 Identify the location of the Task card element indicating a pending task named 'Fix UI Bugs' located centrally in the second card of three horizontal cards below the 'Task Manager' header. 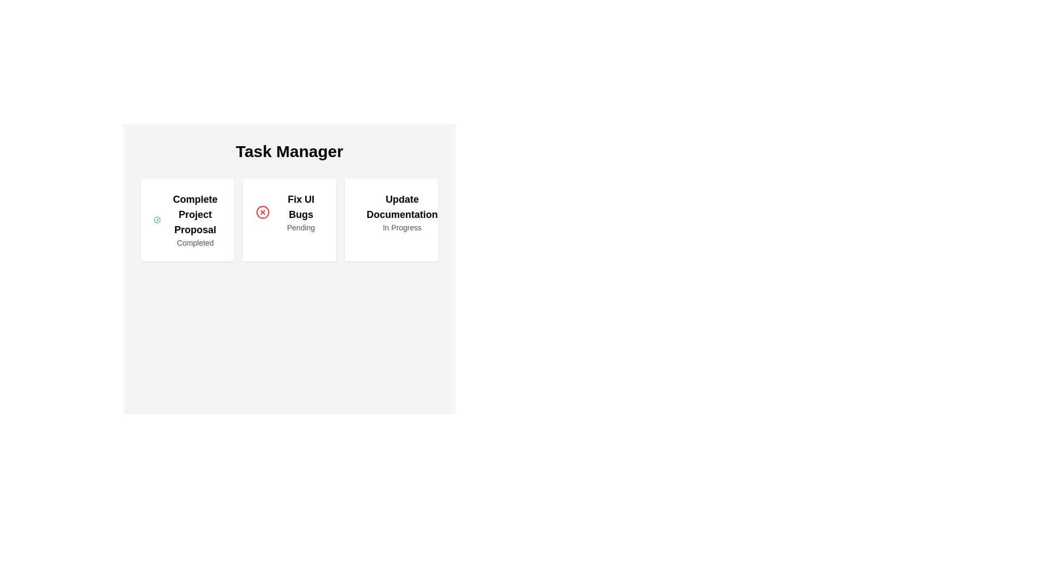
(289, 212).